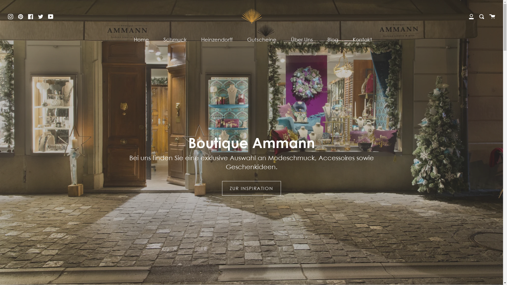 Image resolution: width=507 pixels, height=285 pixels. What do you see at coordinates (217, 39) in the screenshot?
I see `'Heinzendorff'` at bounding box center [217, 39].